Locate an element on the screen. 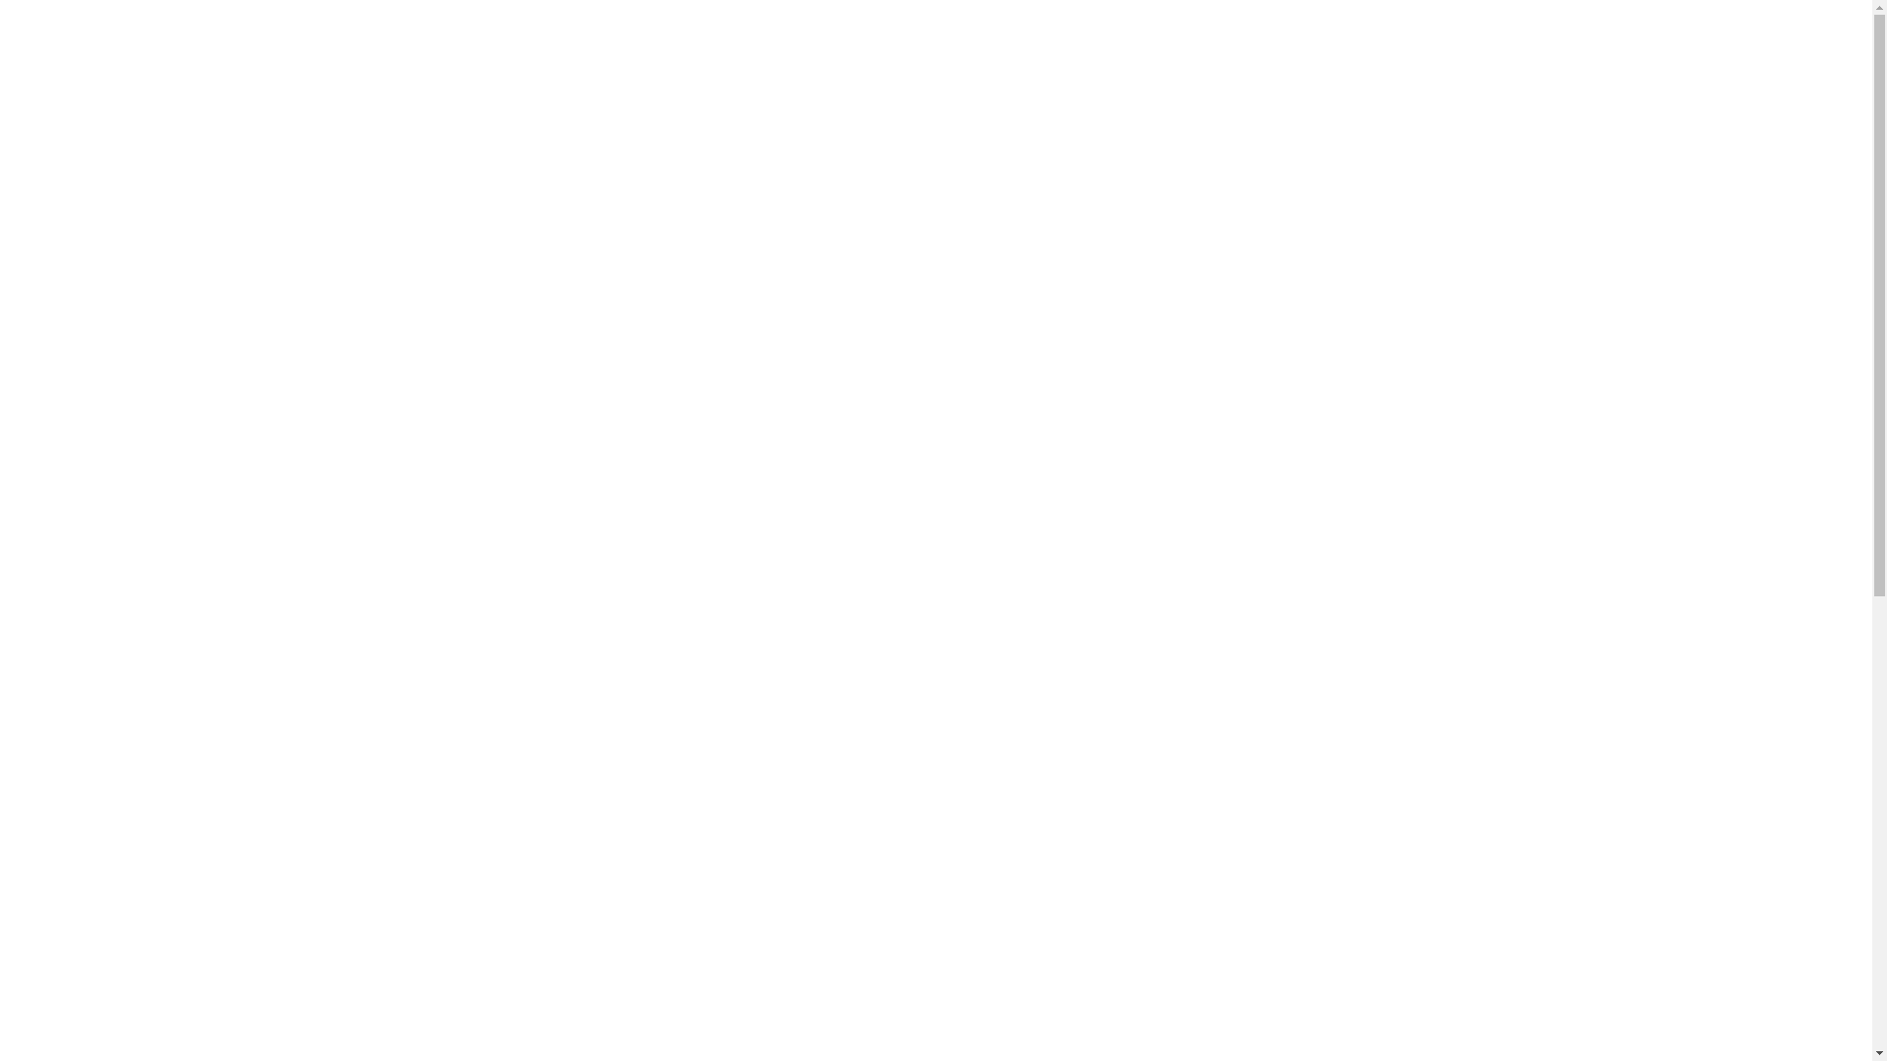  'ABOUT US' is located at coordinates (1063, 117).